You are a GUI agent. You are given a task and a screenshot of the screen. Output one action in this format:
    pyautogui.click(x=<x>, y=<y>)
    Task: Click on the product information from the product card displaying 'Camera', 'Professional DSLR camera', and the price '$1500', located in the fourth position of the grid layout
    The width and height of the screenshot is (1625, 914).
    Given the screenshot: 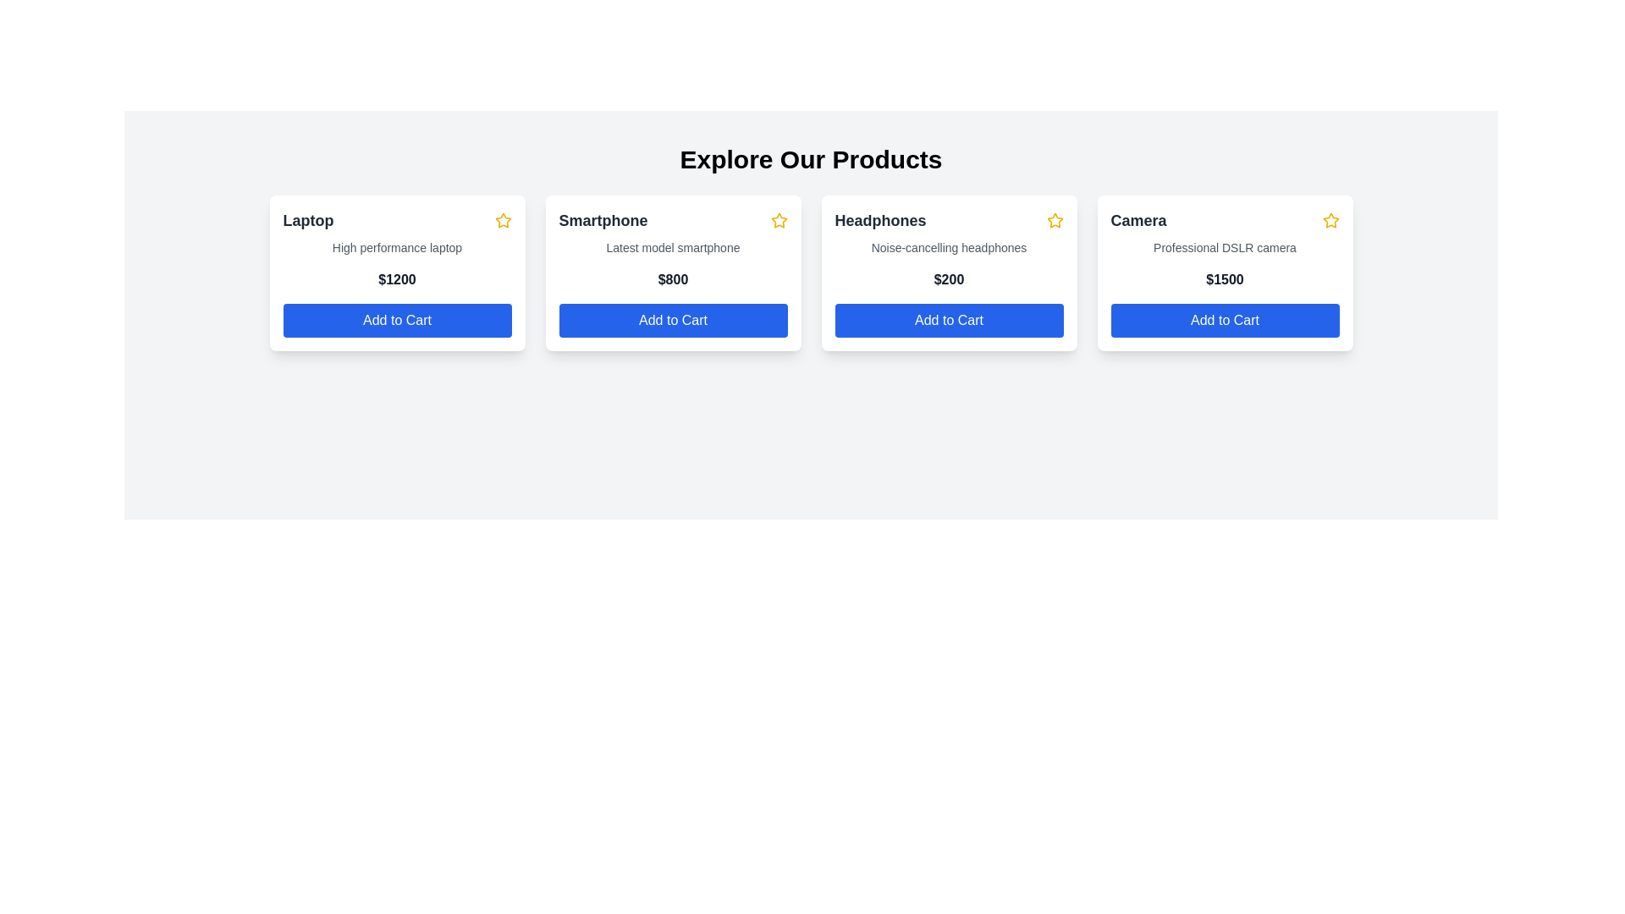 What is the action you would take?
    pyautogui.click(x=1225, y=273)
    